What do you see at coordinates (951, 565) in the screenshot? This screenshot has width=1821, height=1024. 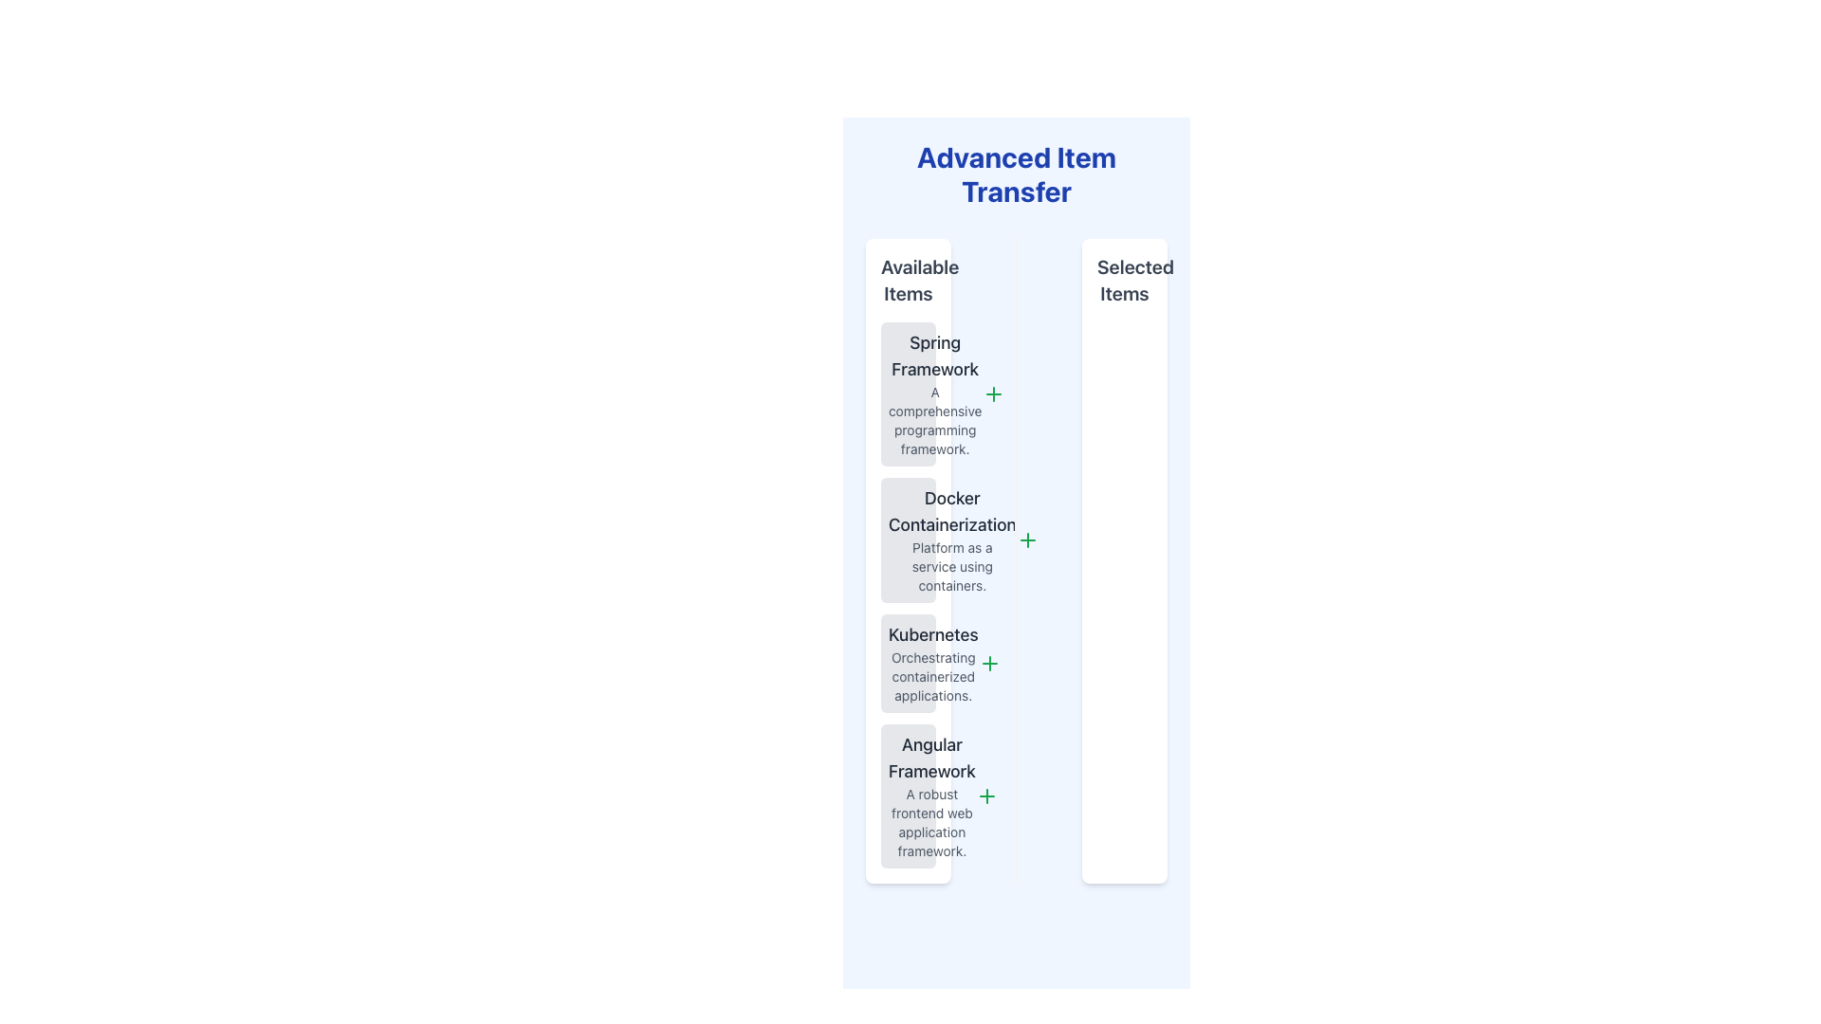 I see `the descriptive text element for 'Docker Containerization' located under the 'Available Items' section, which provides information about its purpose and function` at bounding box center [951, 565].